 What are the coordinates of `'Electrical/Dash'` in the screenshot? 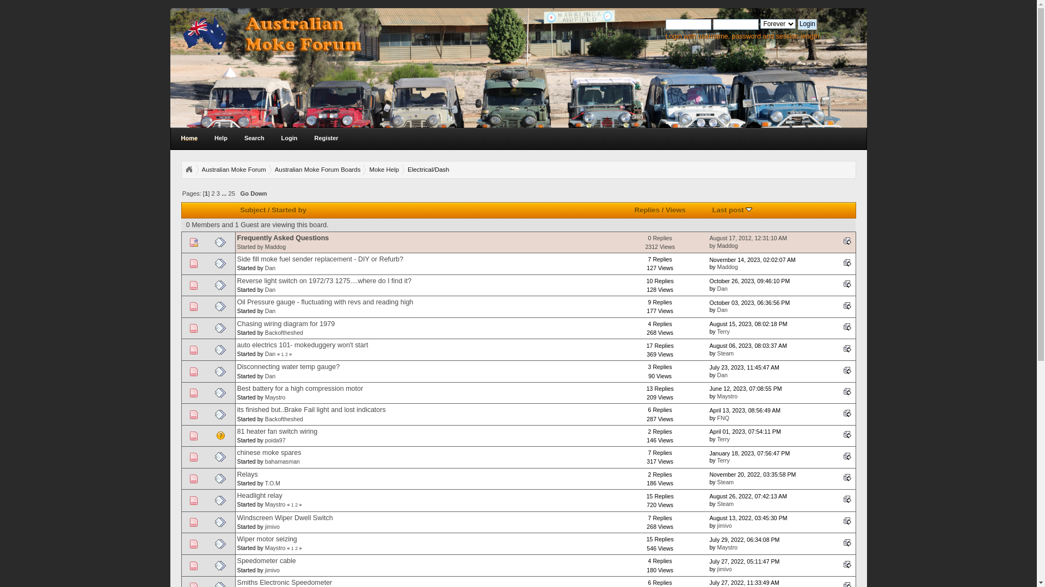 It's located at (407, 170).